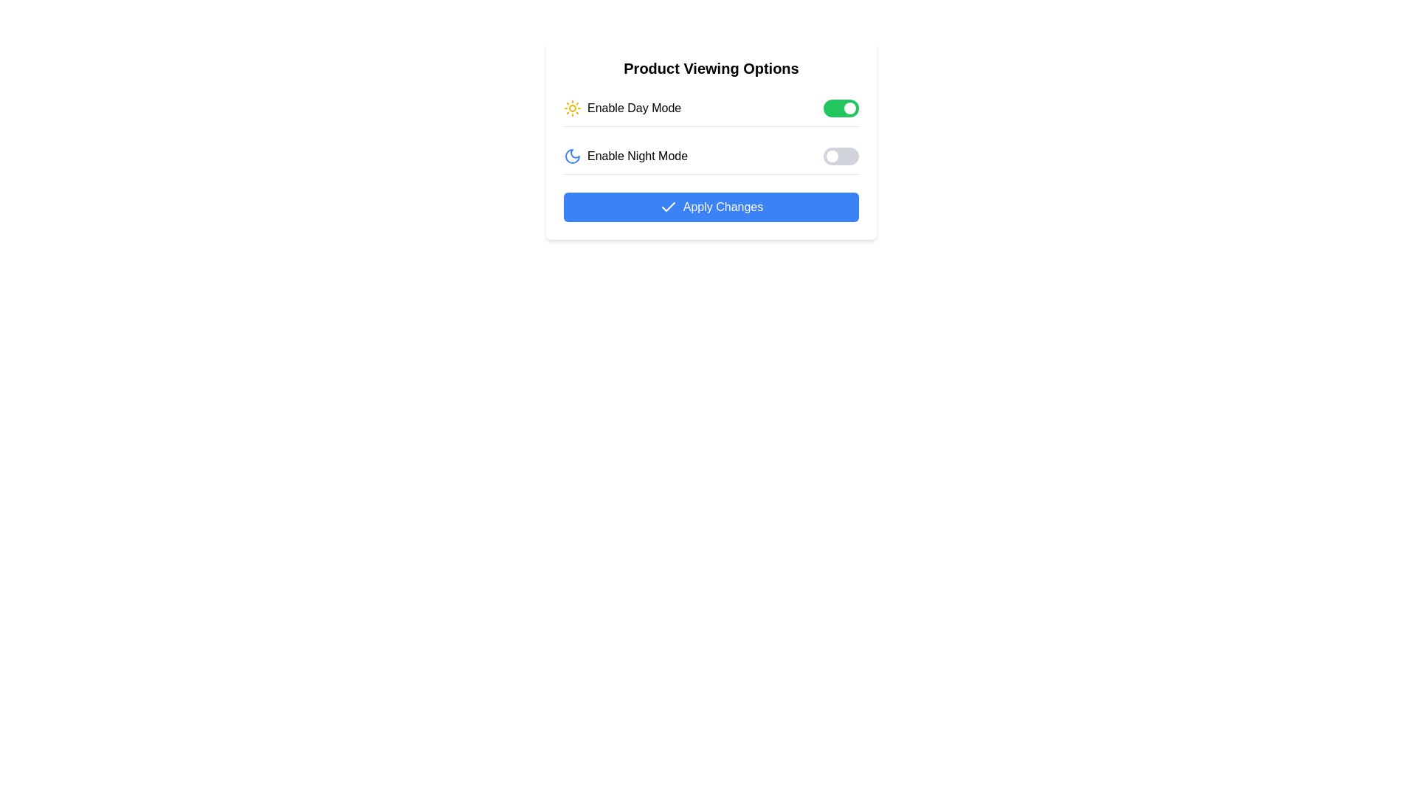 The width and height of the screenshot is (1417, 797). I want to click on the toggle switch located at the far-right end of the line containing 'Enable Night Mode', so click(841, 156).